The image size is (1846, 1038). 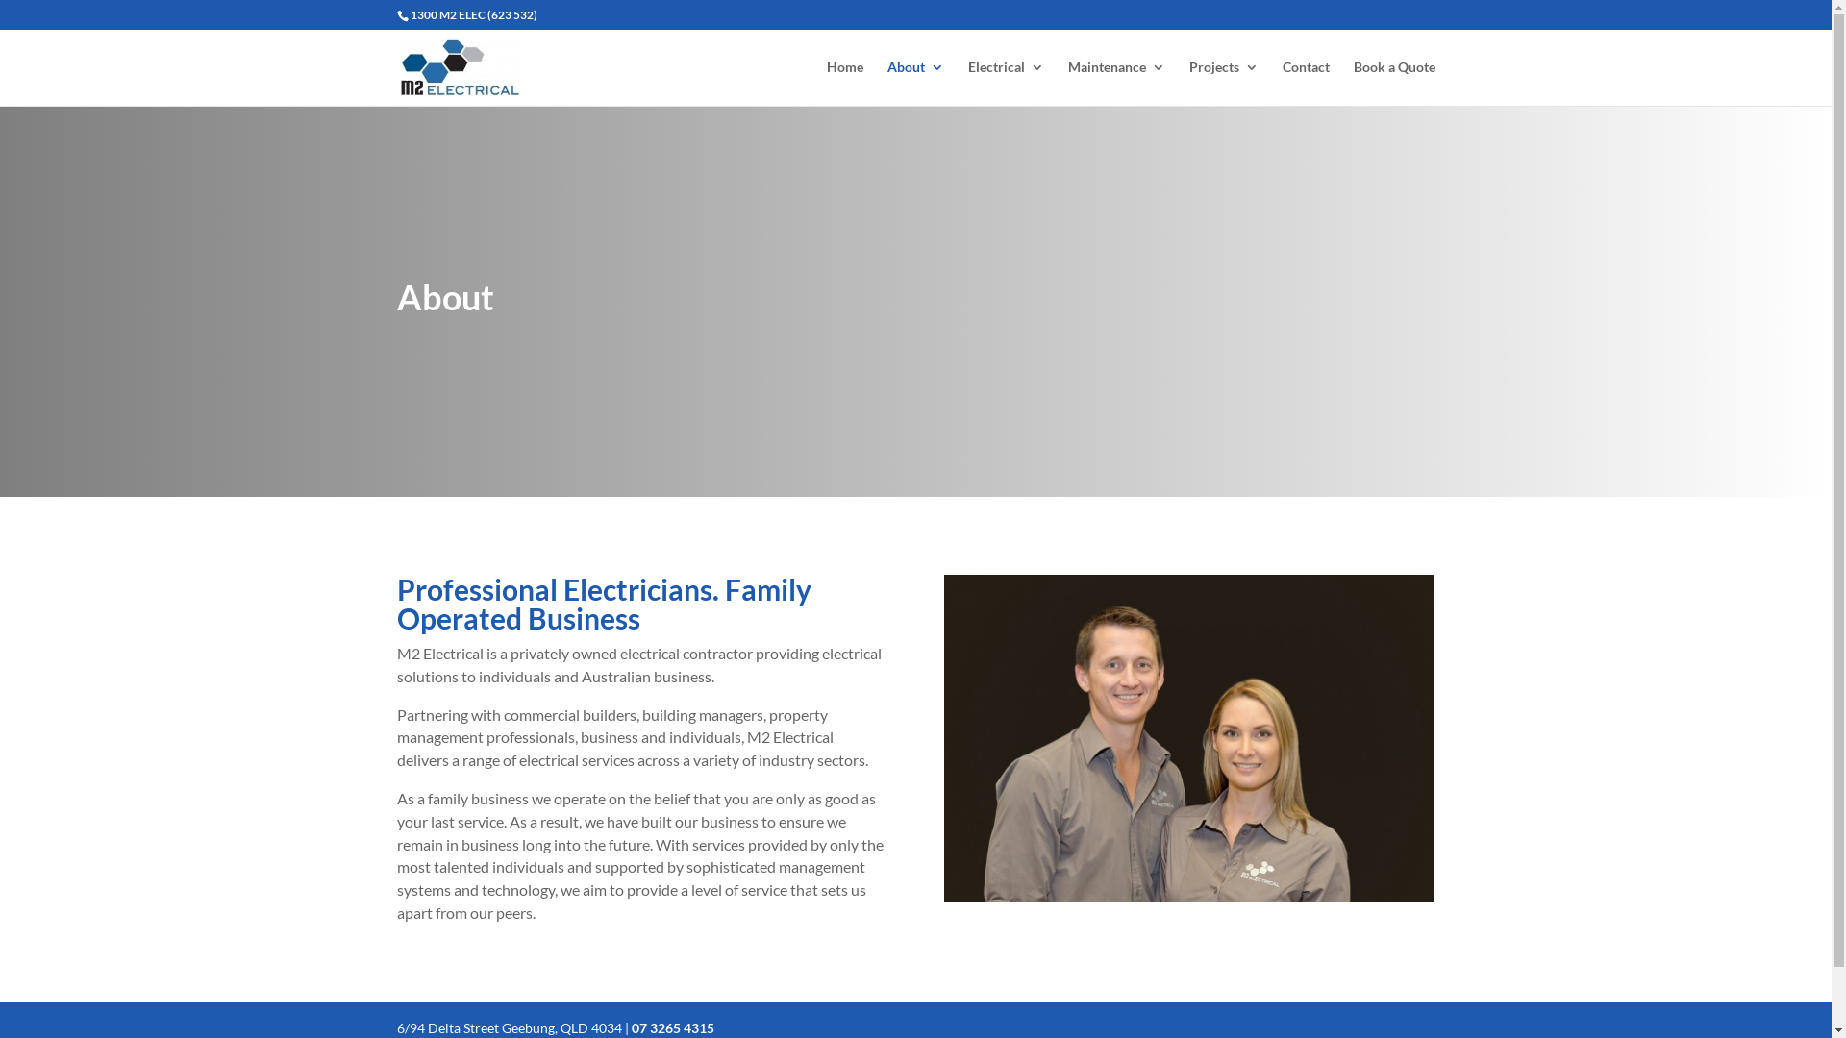 What do you see at coordinates (1115, 82) in the screenshot?
I see `'Maintenance'` at bounding box center [1115, 82].